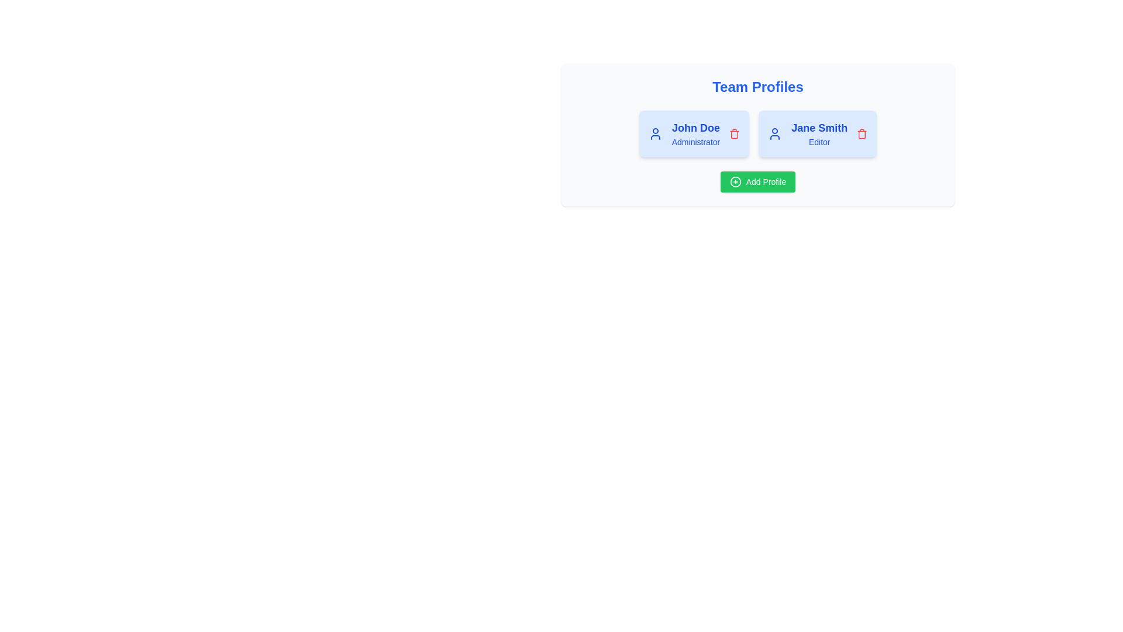  What do you see at coordinates (655, 133) in the screenshot?
I see `the user icon of the profile identified by John Doe` at bounding box center [655, 133].